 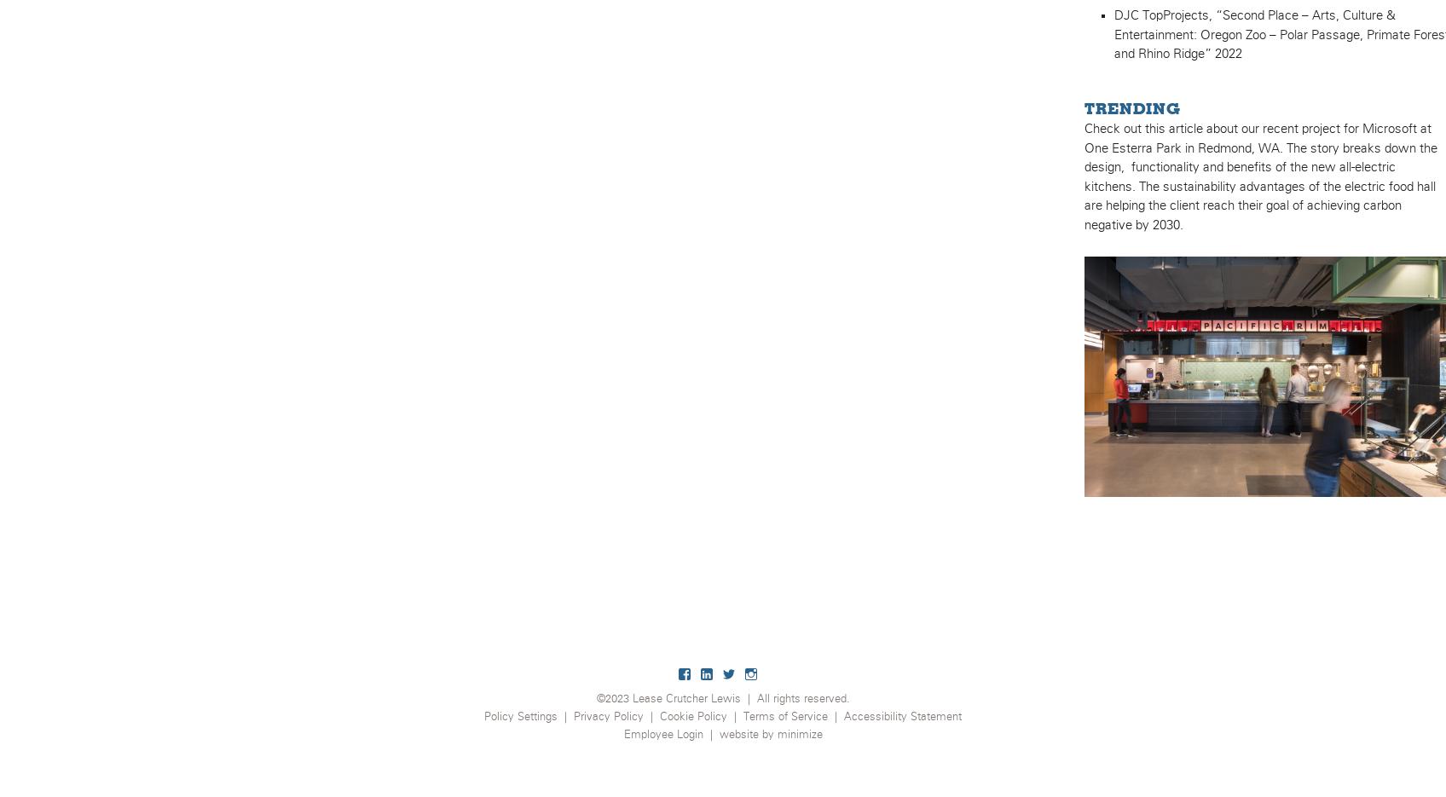 What do you see at coordinates (685, 699) in the screenshot?
I see `'Lease Crutcher Lewis'` at bounding box center [685, 699].